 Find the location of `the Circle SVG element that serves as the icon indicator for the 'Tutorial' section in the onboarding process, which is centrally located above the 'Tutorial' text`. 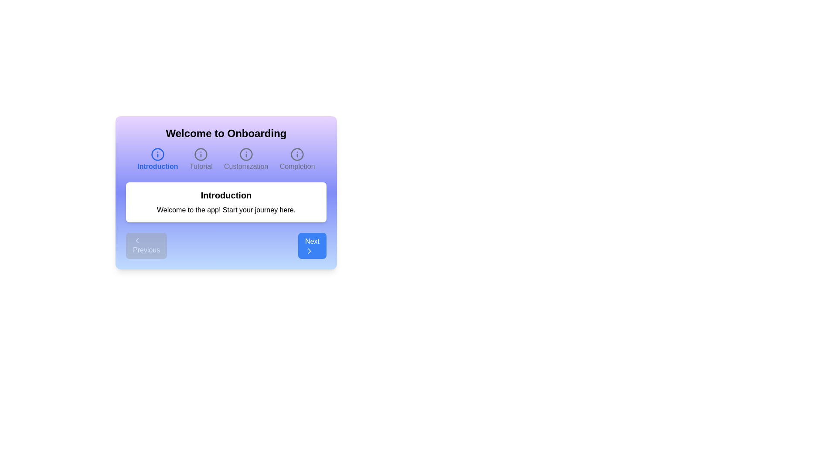

the Circle SVG element that serves as the icon indicator for the 'Tutorial' section in the onboarding process, which is centrally located above the 'Tutorial' text is located at coordinates (201, 154).